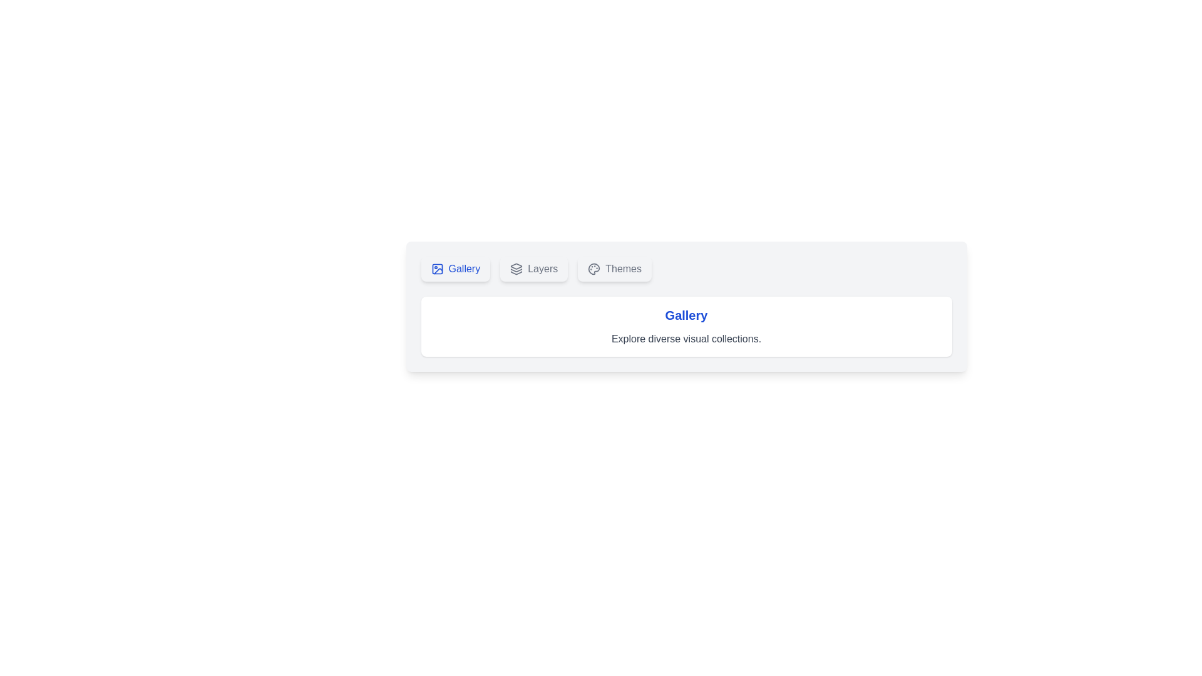 The height and width of the screenshot is (676, 1202). What do you see at coordinates (615, 268) in the screenshot?
I see `the Themes tab to view its content` at bounding box center [615, 268].